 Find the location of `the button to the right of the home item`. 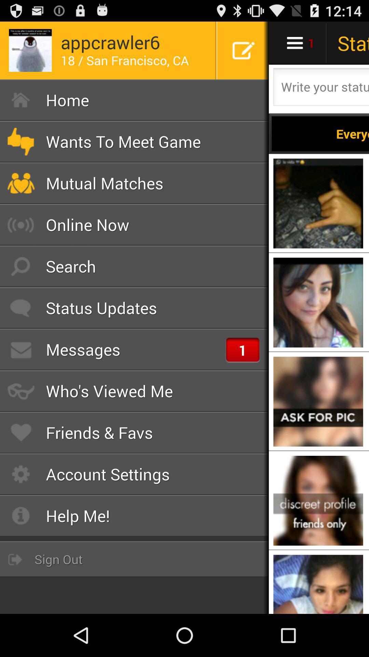

the button to the right of the home item is located at coordinates (320, 133).